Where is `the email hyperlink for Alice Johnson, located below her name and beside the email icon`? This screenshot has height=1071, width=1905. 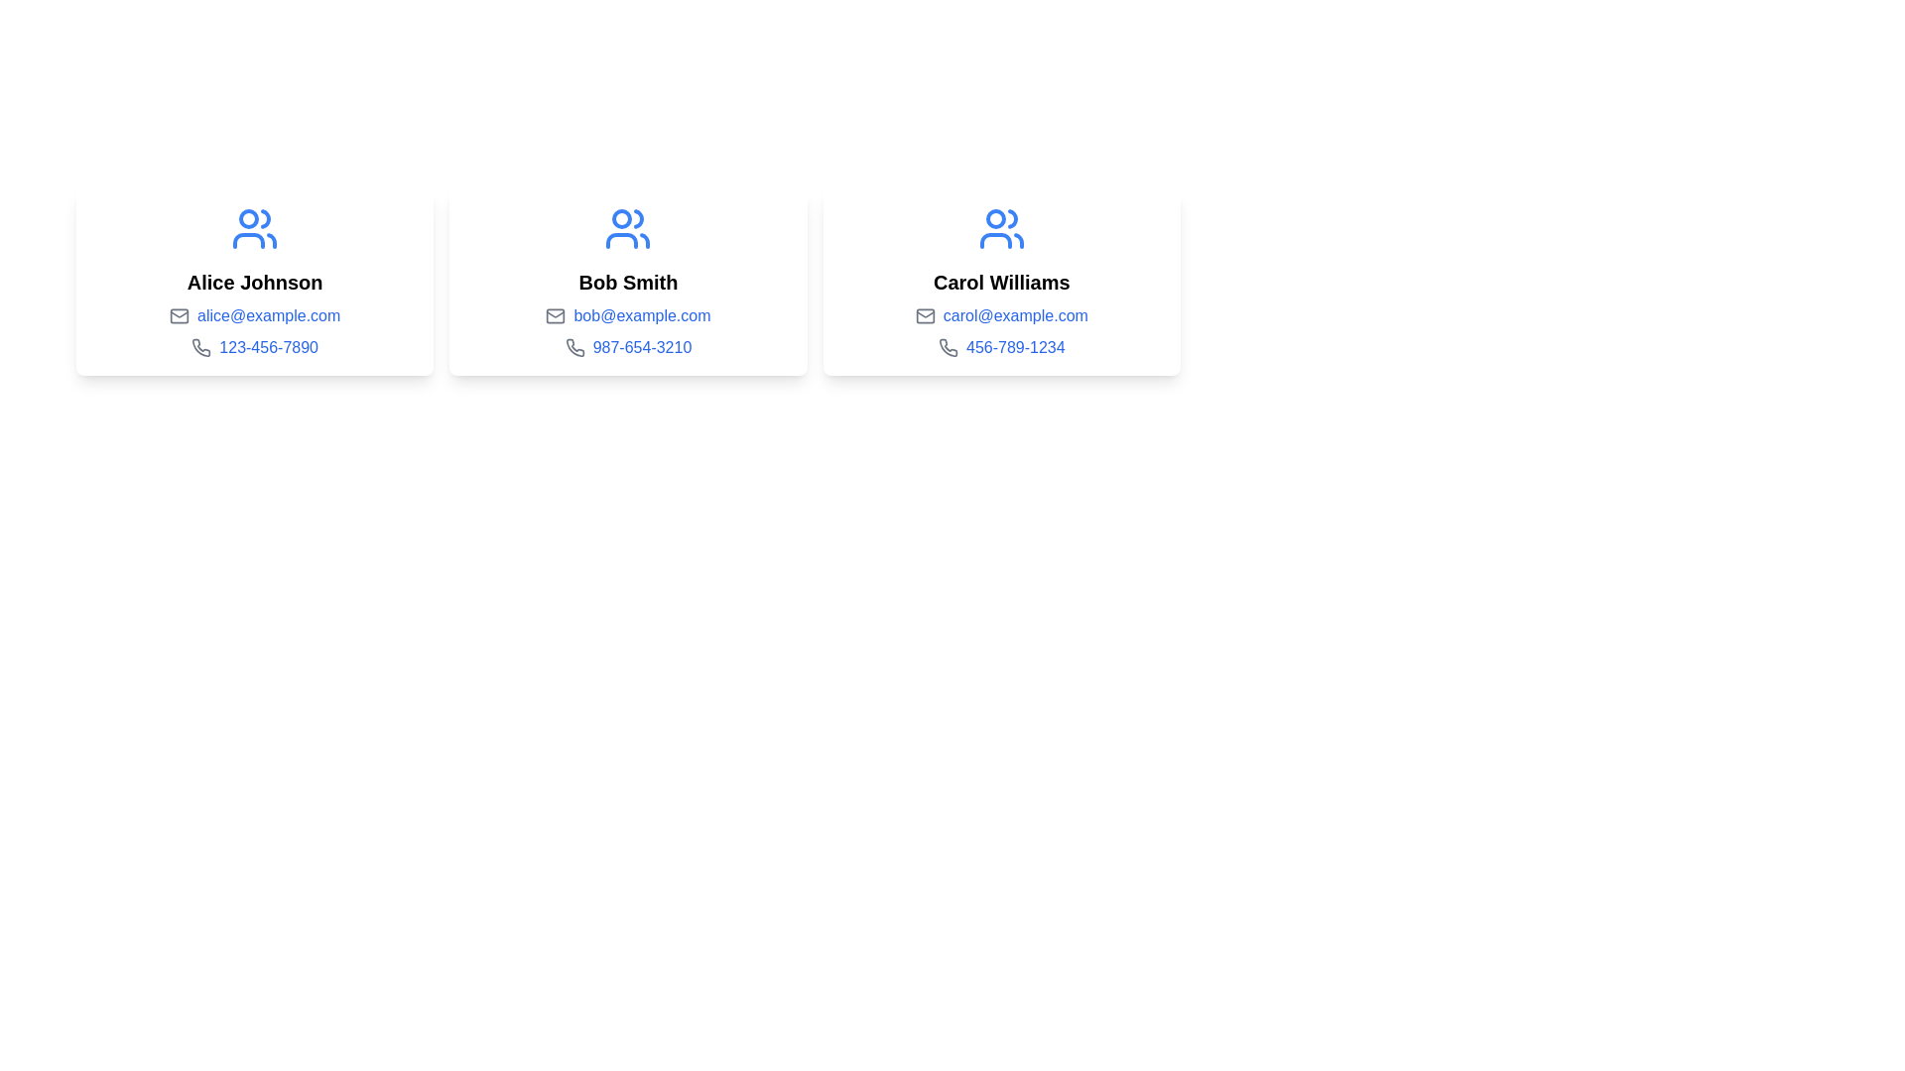 the email hyperlink for Alice Johnson, located below her name and beside the email icon is located at coordinates (268, 315).